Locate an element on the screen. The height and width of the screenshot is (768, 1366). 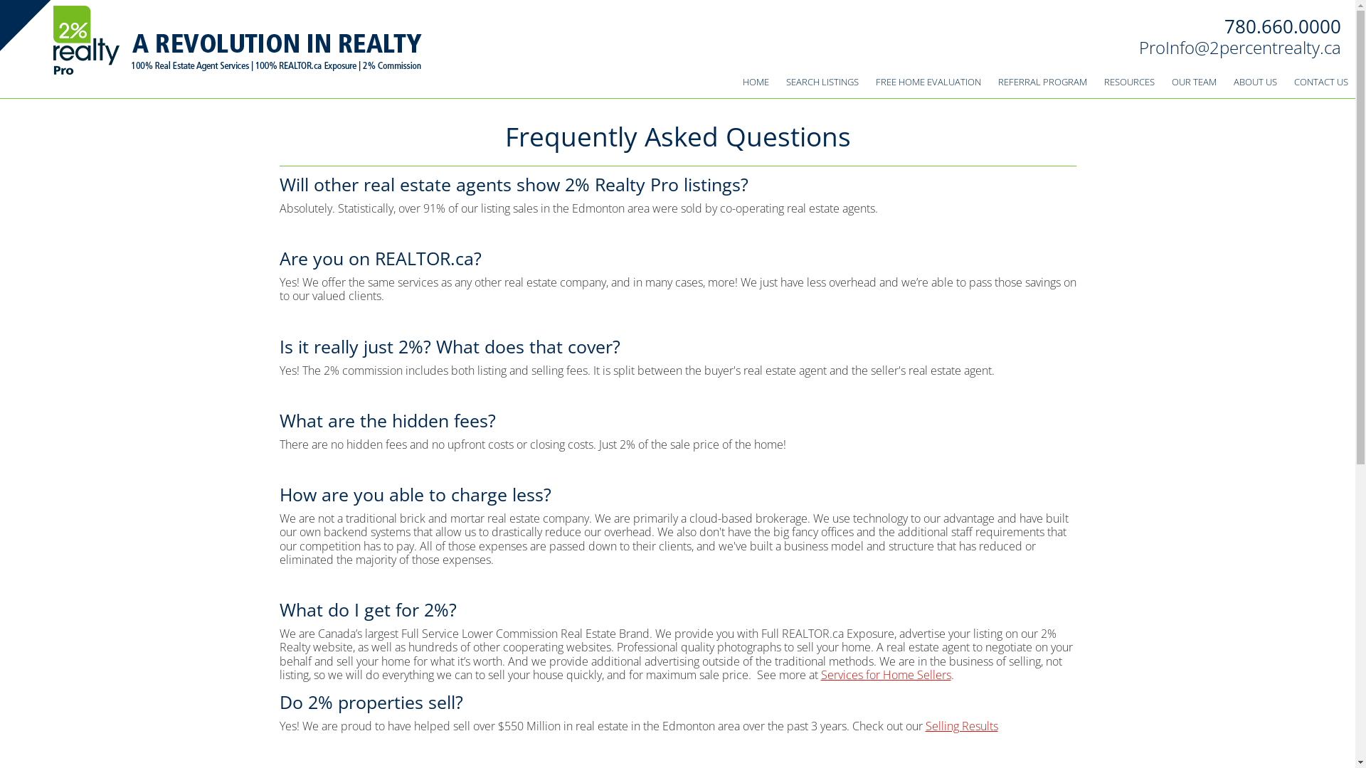
'SEARCH LISTINGS' is located at coordinates (822, 82).